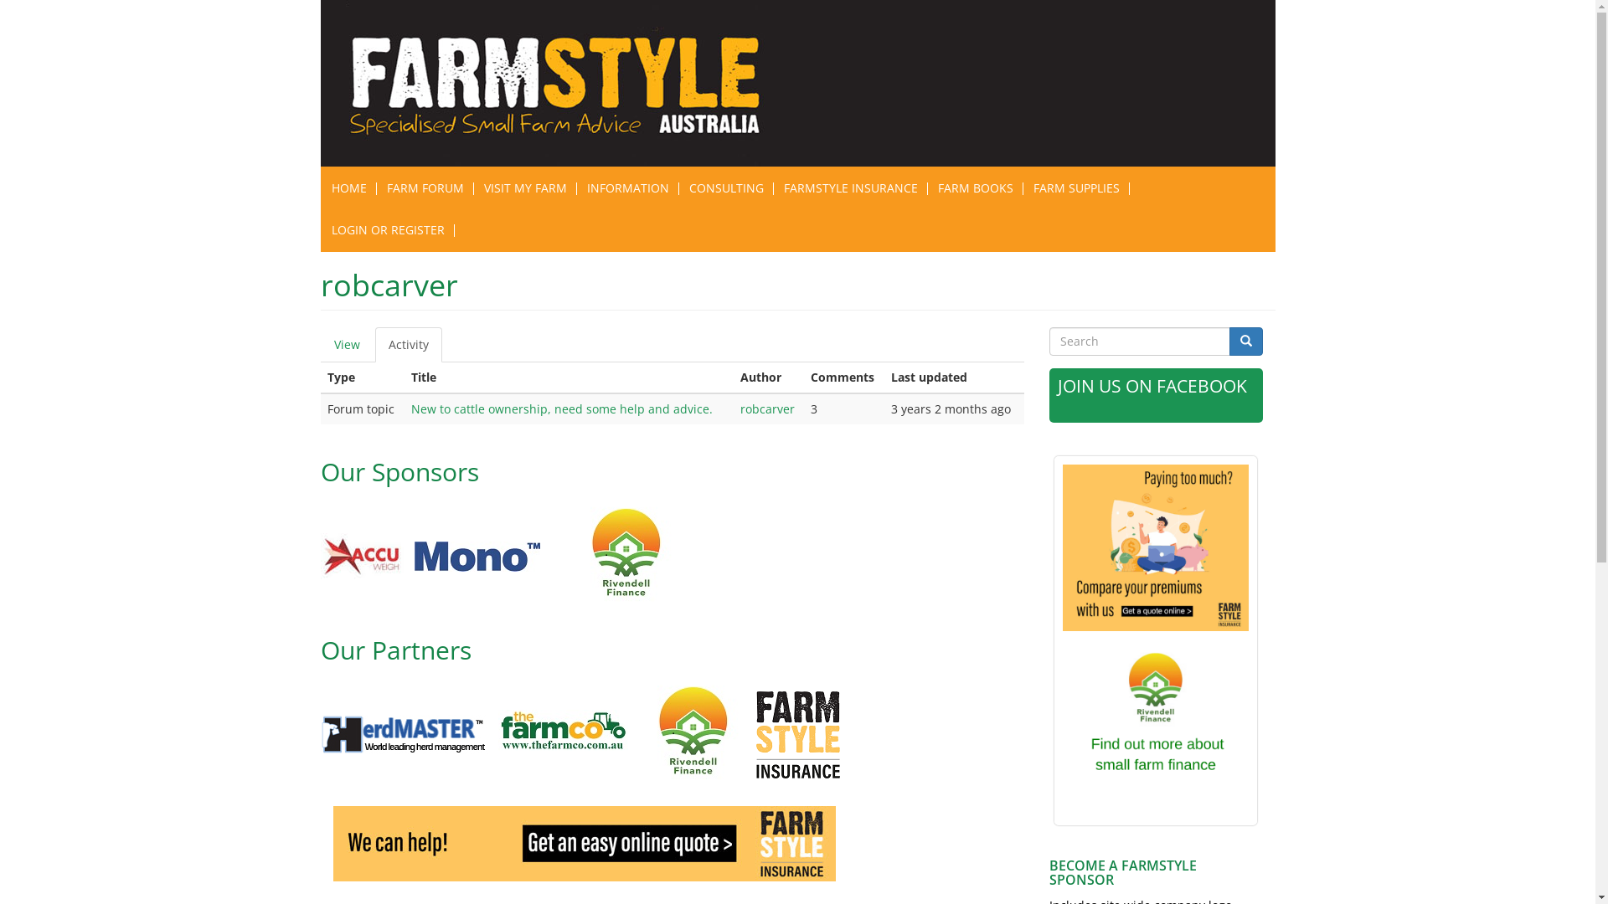 The width and height of the screenshot is (1608, 904). Describe the element at coordinates (473, 187) in the screenshot. I see `'VISIT MY FARM'` at that location.